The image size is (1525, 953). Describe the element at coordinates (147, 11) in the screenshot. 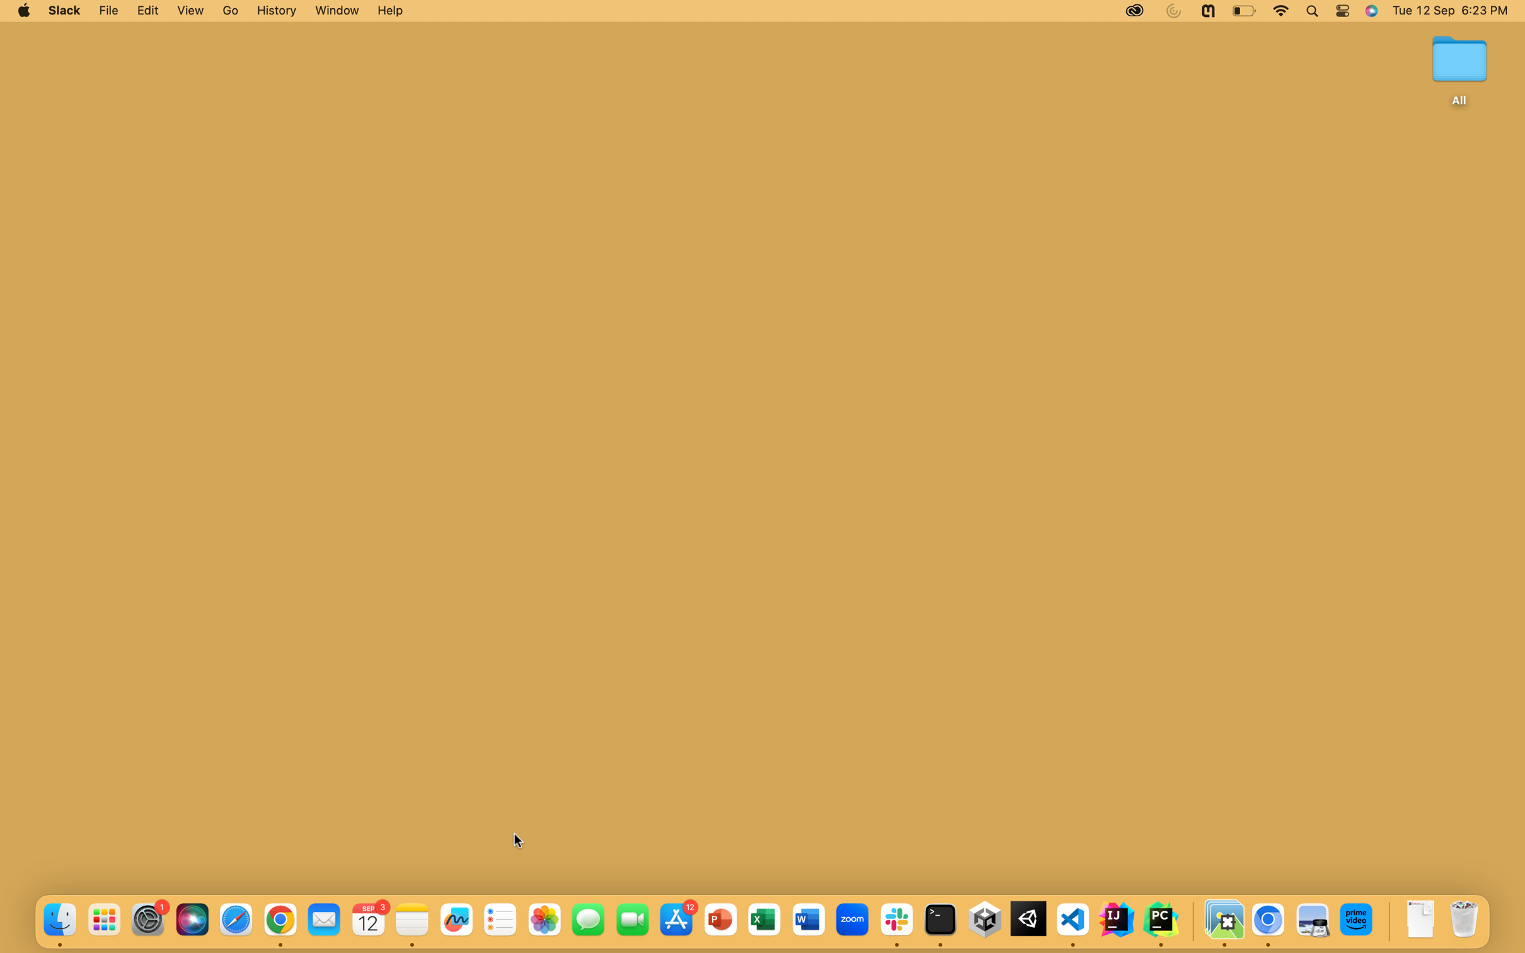

I see `the Edit Options function` at that location.